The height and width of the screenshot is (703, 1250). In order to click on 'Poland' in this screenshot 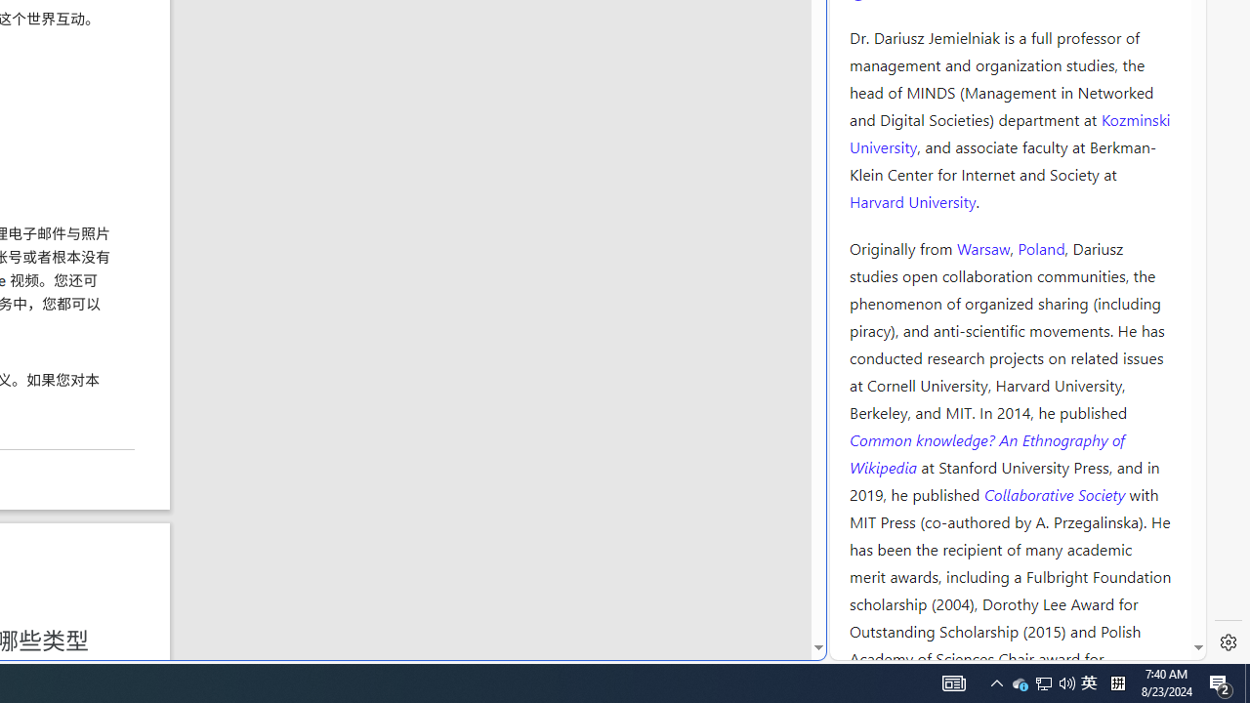, I will do `click(1040, 246)`.